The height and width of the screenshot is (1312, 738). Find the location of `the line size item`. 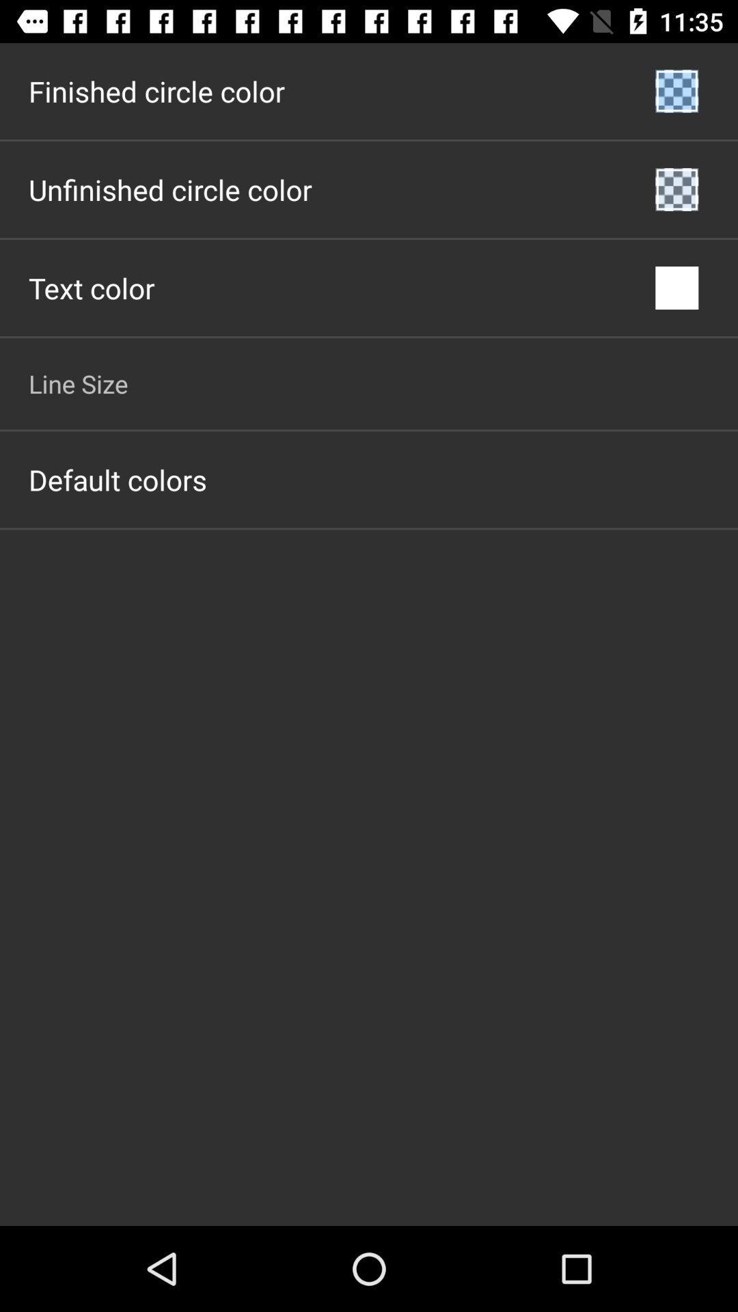

the line size item is located at coordinates (78, 383).